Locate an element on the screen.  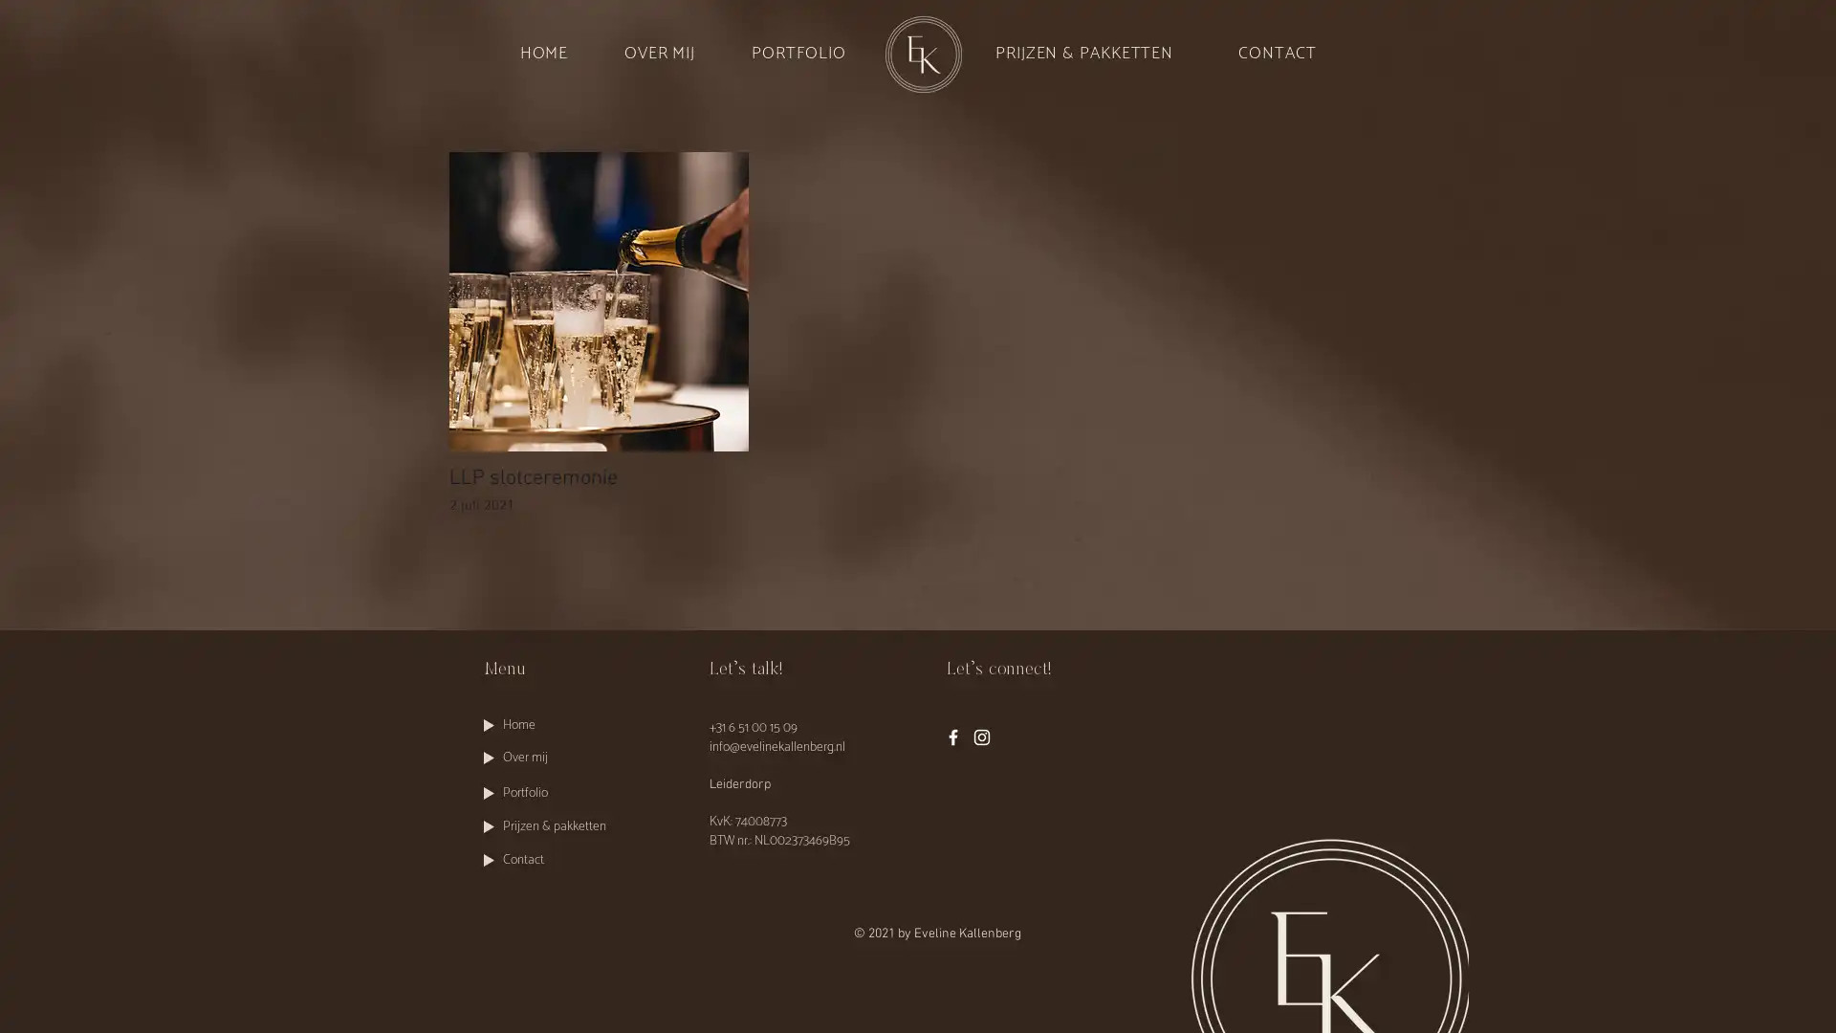
LLP slotceremonie LLP slotceremonie 2 juli 2021 is located at coordinates (598, 369).